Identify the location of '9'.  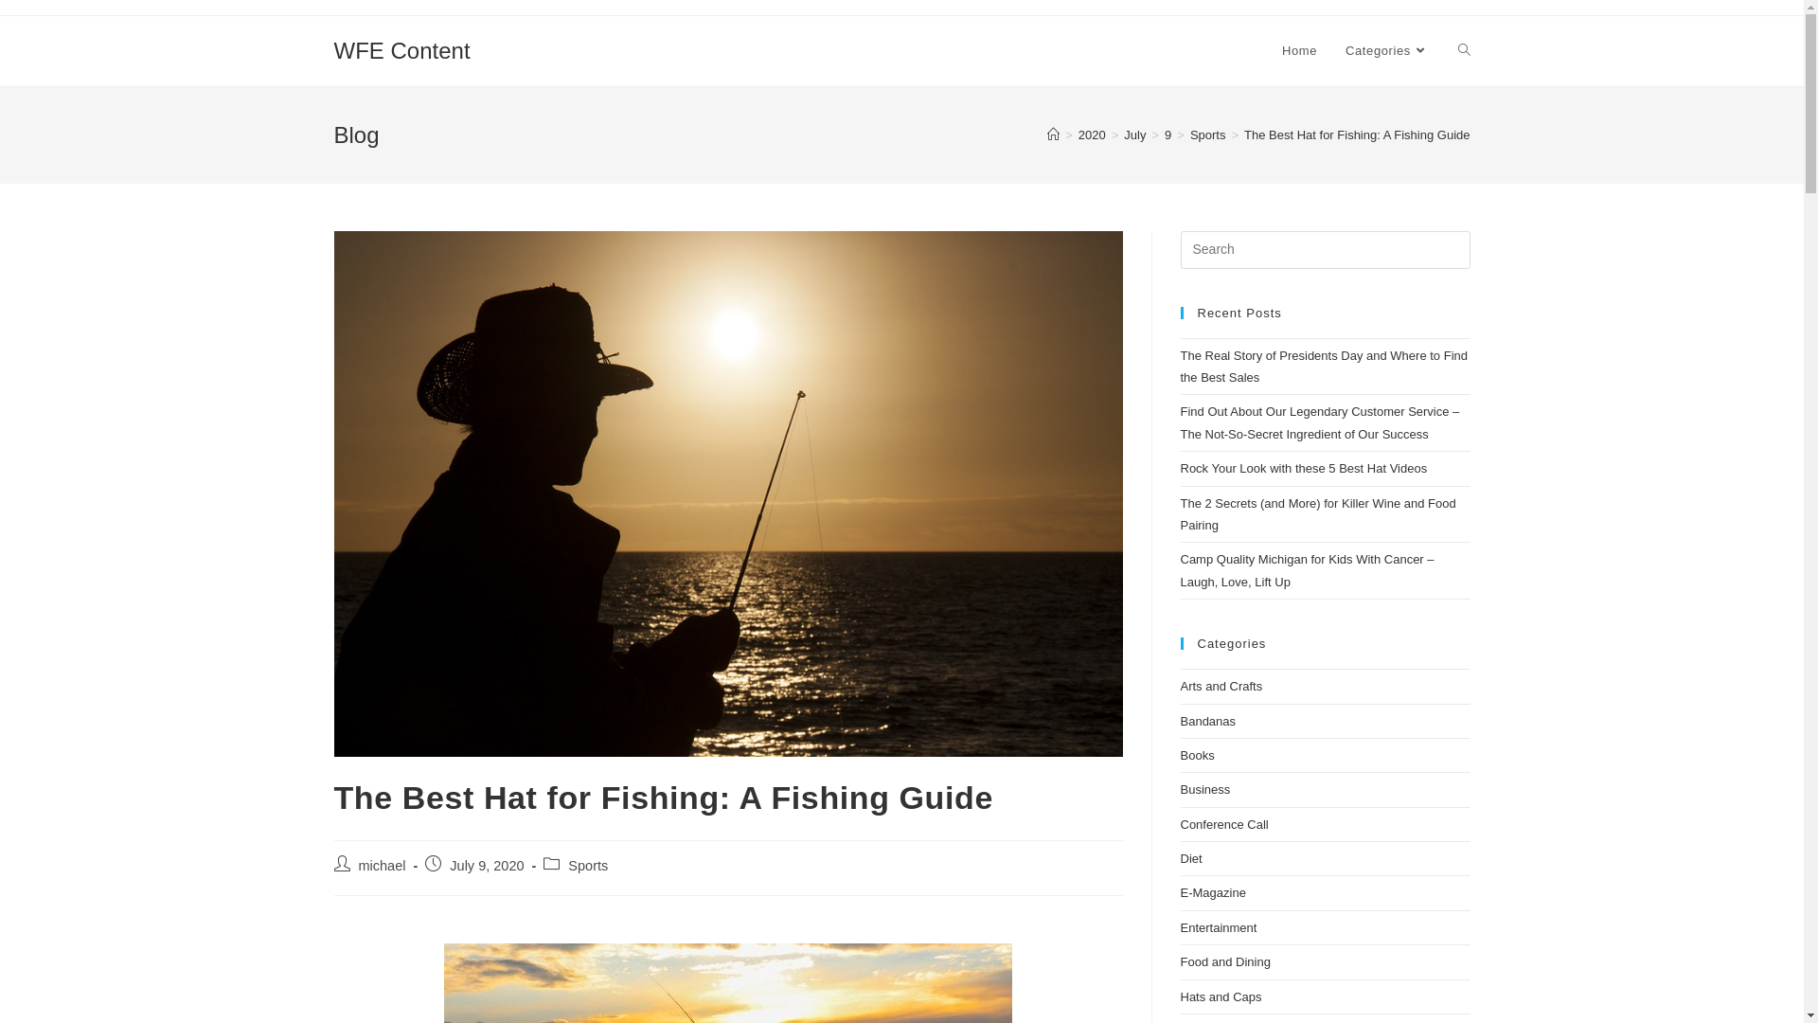
(1167, 134).